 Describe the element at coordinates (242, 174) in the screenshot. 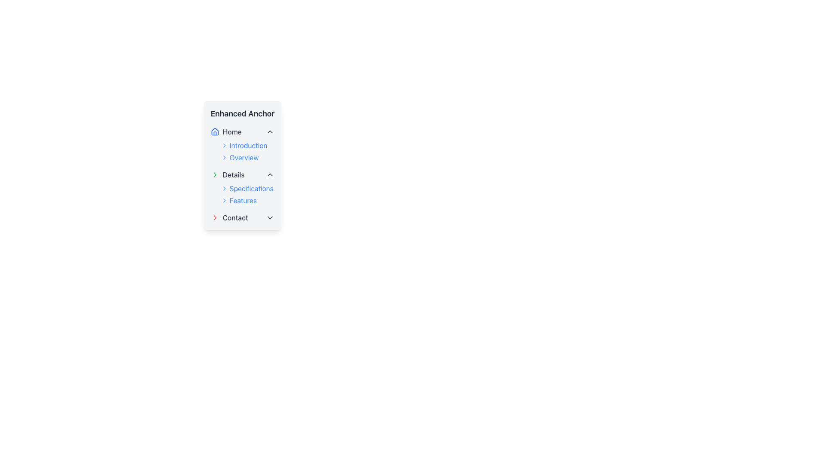

I see `the Collapsible Menu Header under the 'Enhanced Anchor' section` at that location.